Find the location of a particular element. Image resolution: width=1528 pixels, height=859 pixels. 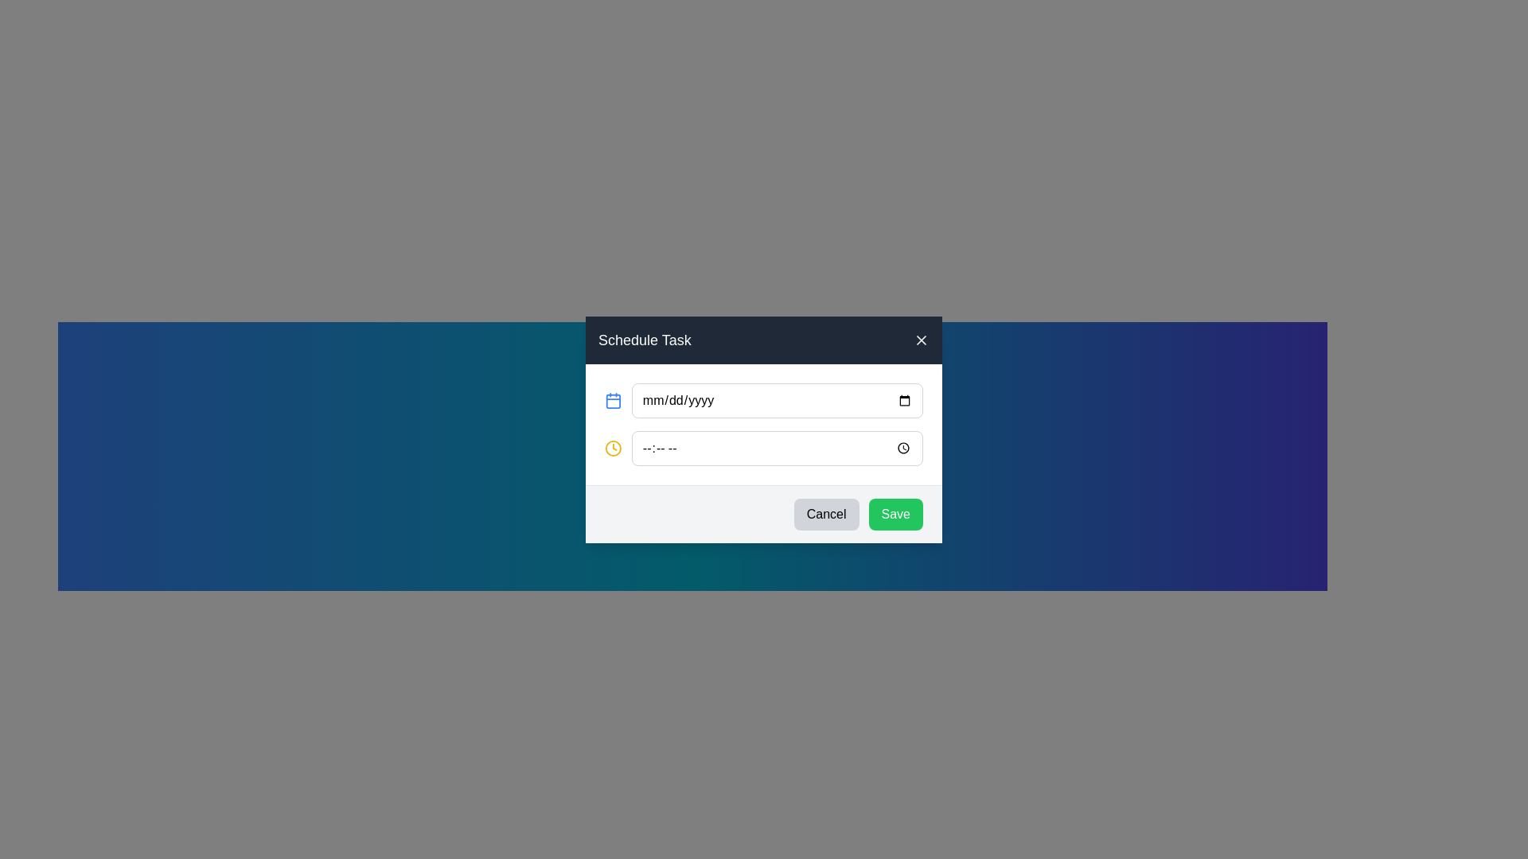

the 'Save' button located in the bottom-right corner of the modal dialog is located at coordinates (895, 514).